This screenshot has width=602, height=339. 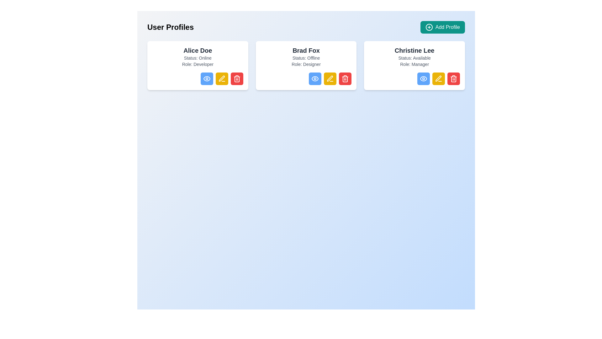 I want to click on the static text label that describes the role of the individual 'Christine Lee' within the card, located below 'Status: Available', so click(x=415, y=64).